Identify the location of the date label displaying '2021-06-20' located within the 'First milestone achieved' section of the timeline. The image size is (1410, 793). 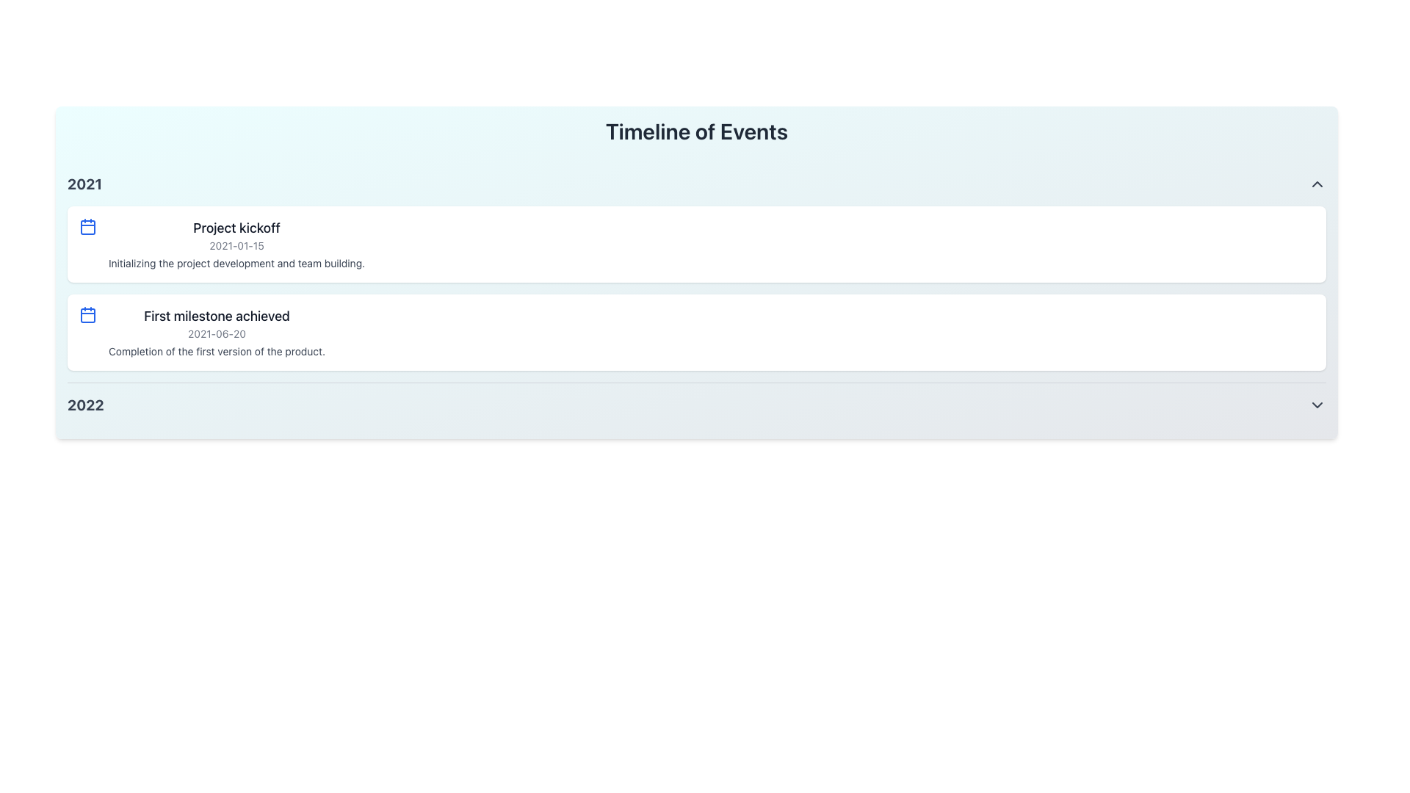
(216, 334).